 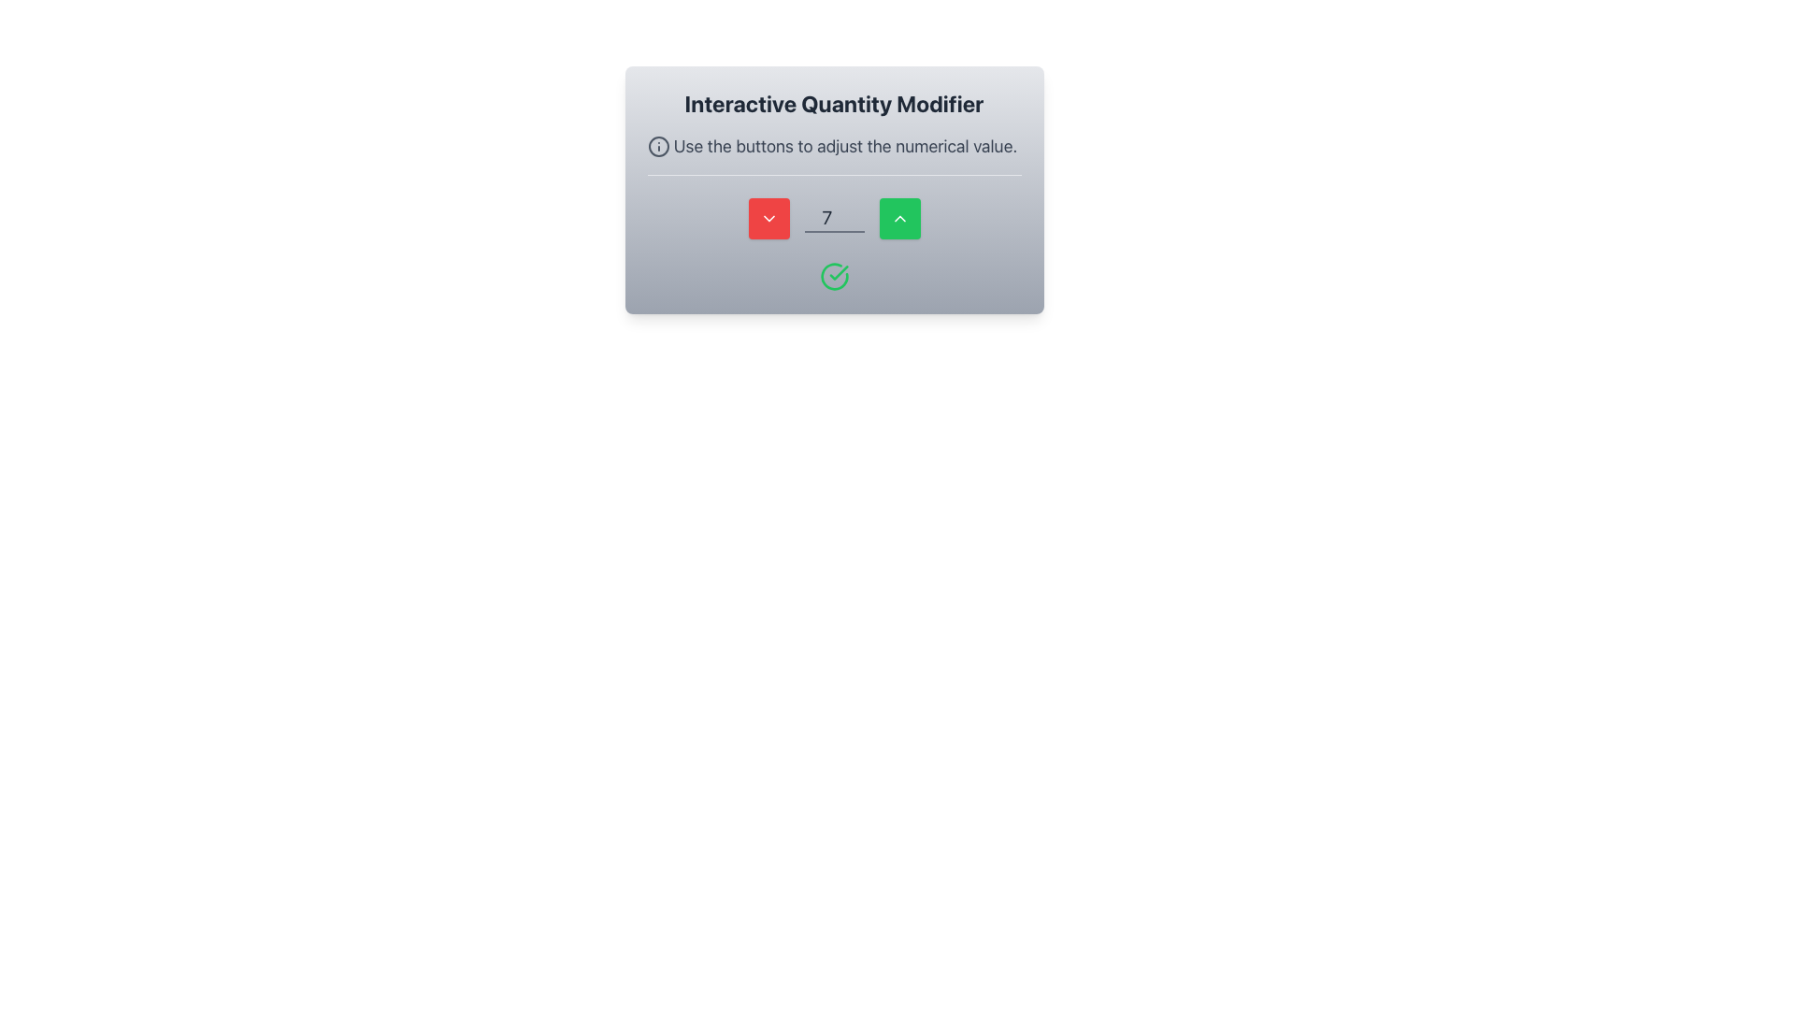 What do you see at coordinates (899, 218) in the screenshot?
I see `the upward-pointing chevron icon within the green button` at bounding box center [899, 218].